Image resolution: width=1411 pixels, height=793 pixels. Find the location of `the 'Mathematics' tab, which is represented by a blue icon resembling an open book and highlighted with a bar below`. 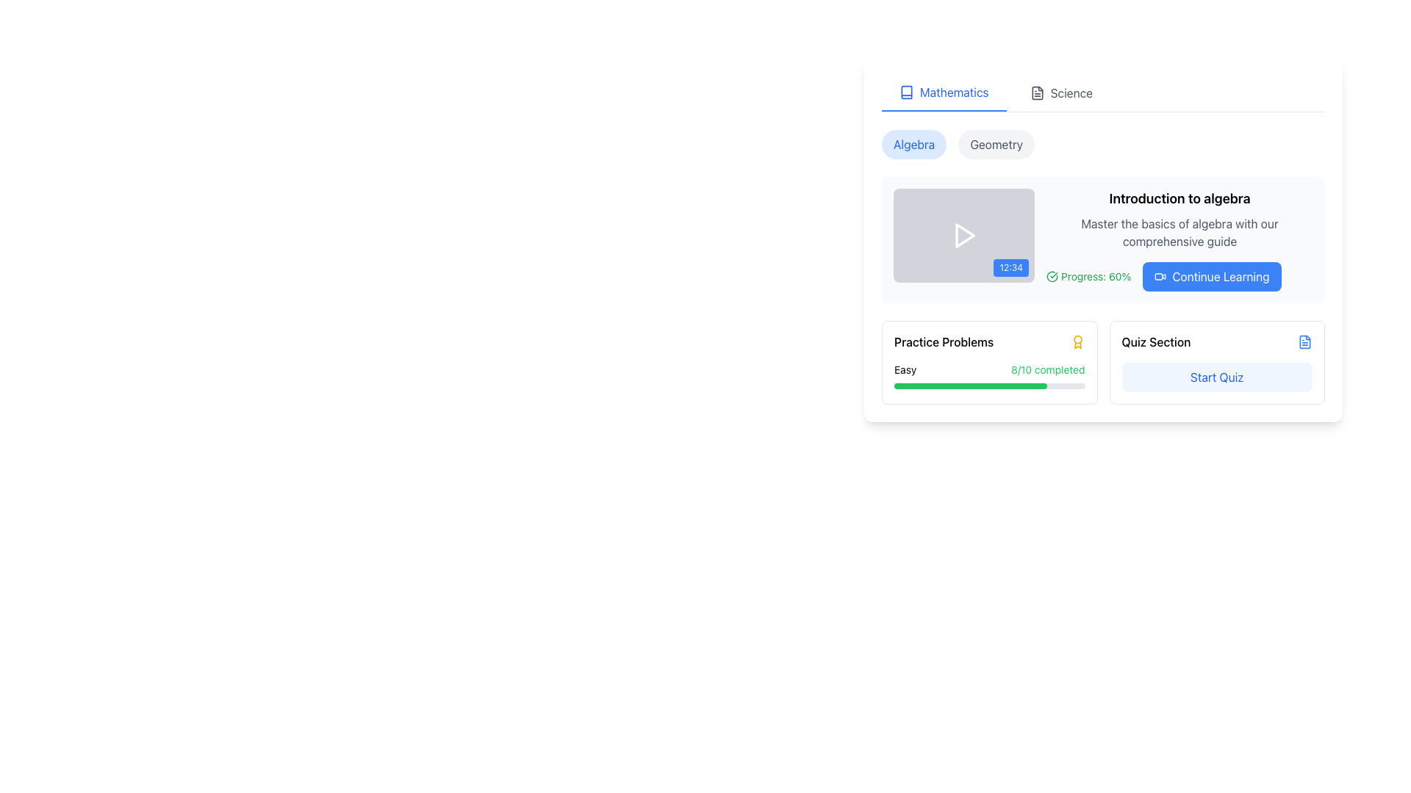

the 'Mathematics' tab, which is represented by a blue icon resembling an open book and highlighted with a bar below is located at coordinates (944, 93).